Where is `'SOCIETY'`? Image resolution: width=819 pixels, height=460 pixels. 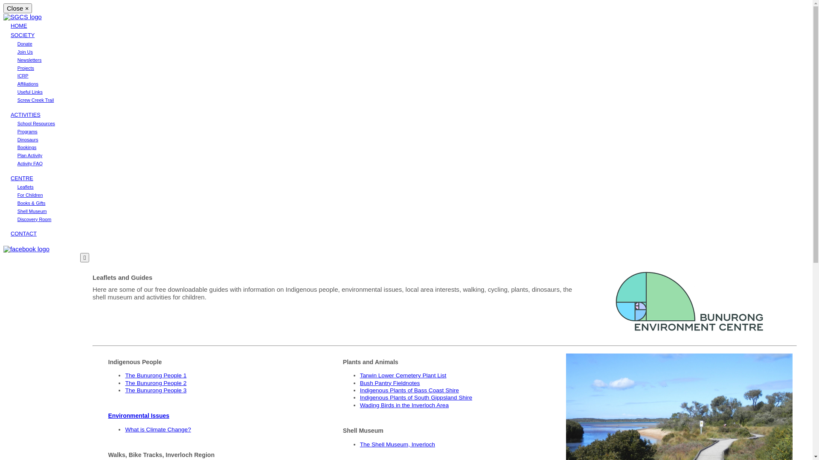
'SOCIETY' is located at coordinates (10, 34).